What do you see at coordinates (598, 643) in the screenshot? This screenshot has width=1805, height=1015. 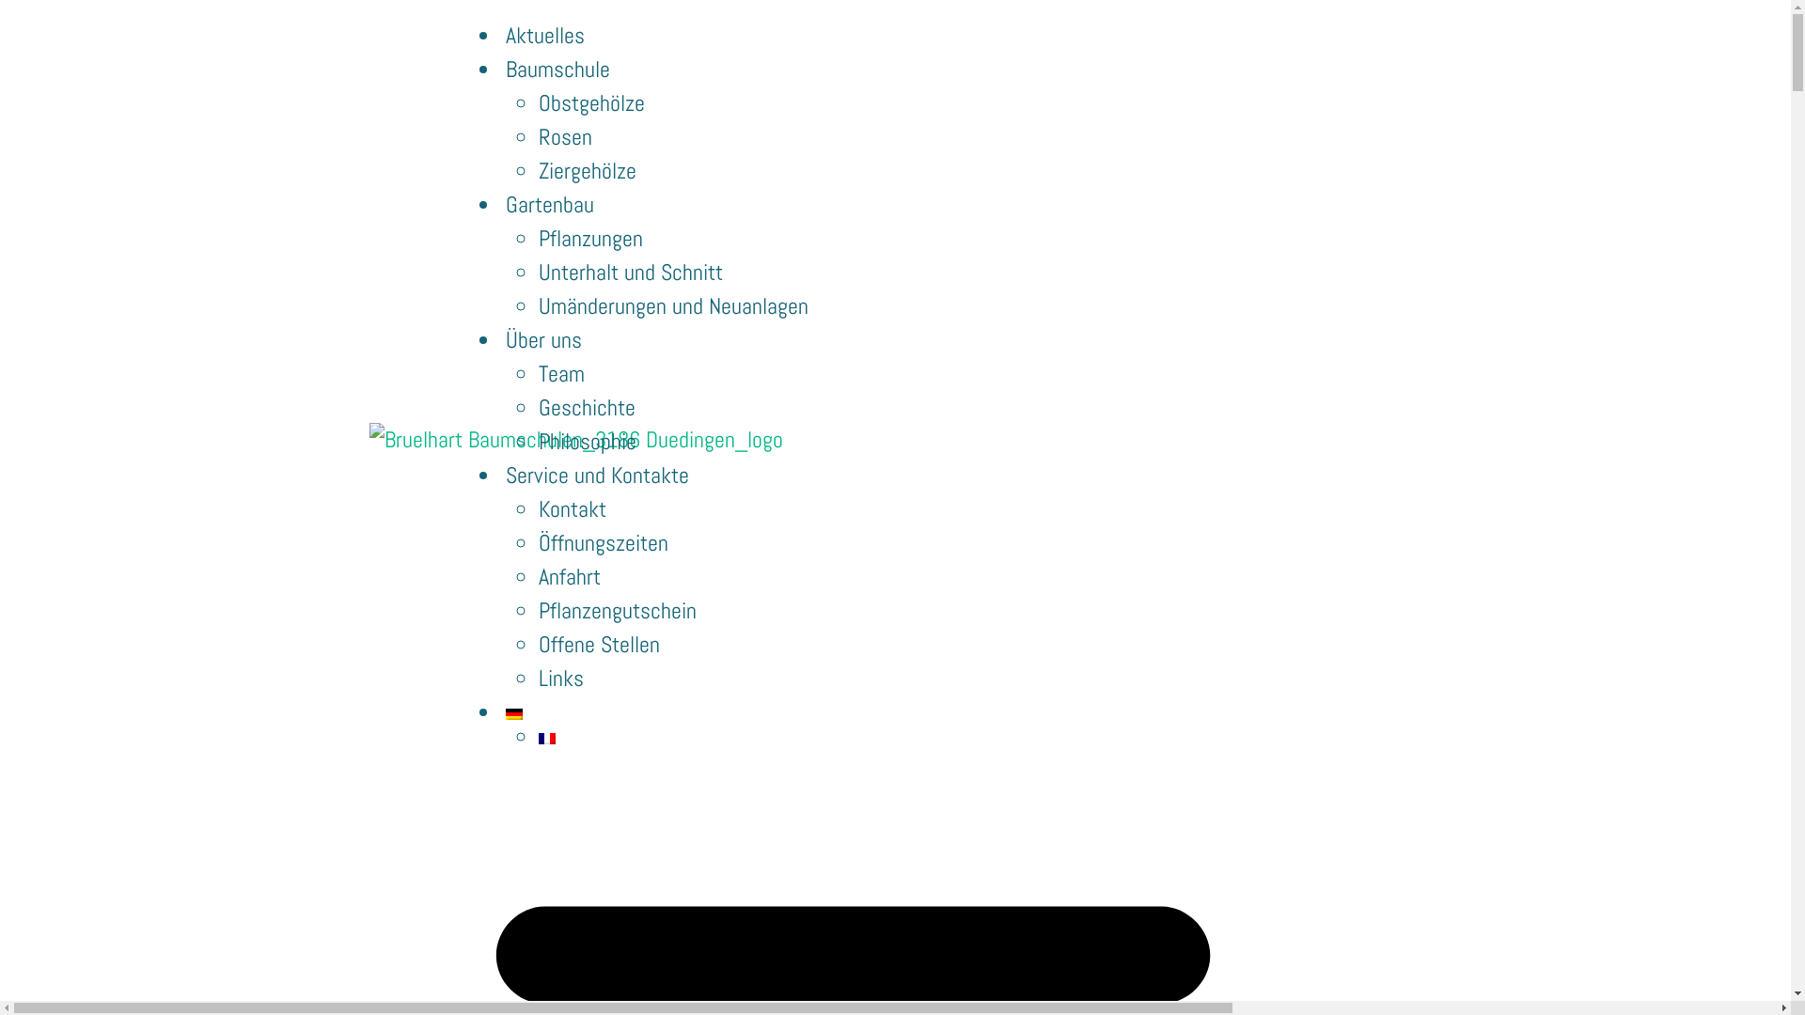 I see `'Offene Stellen'` at bounding box center [598, 643].